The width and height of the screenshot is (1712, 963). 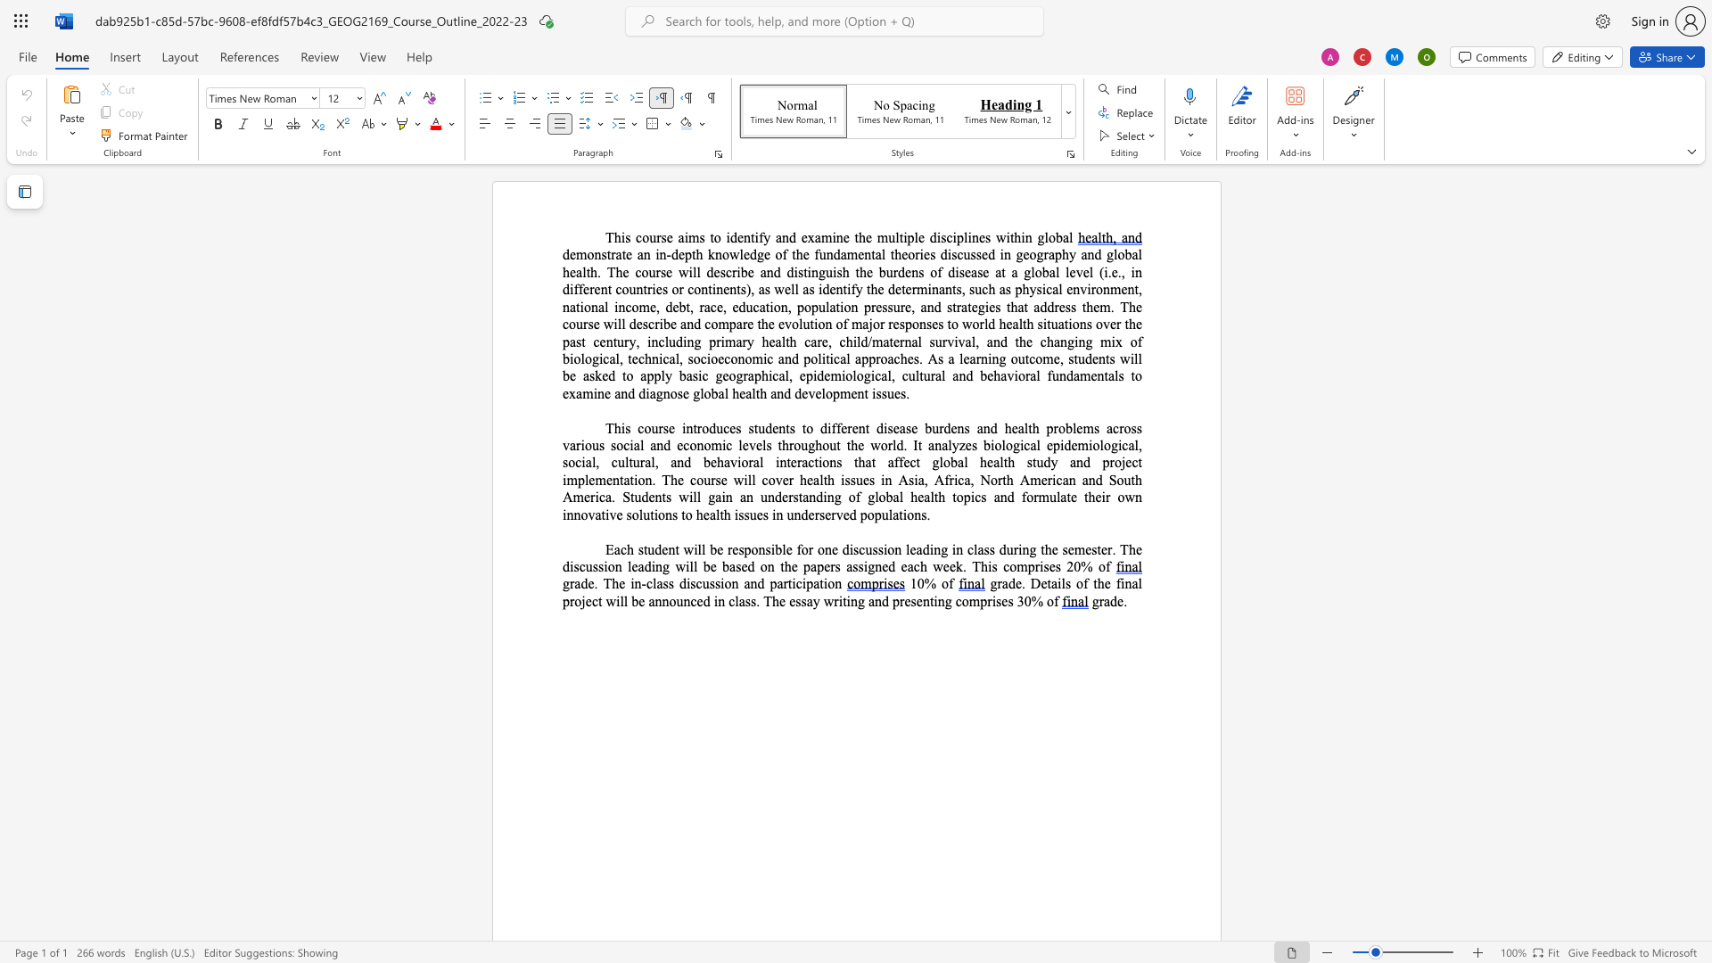 I want to click on the 1th character "t" in the text, so click(x=645, y=548).